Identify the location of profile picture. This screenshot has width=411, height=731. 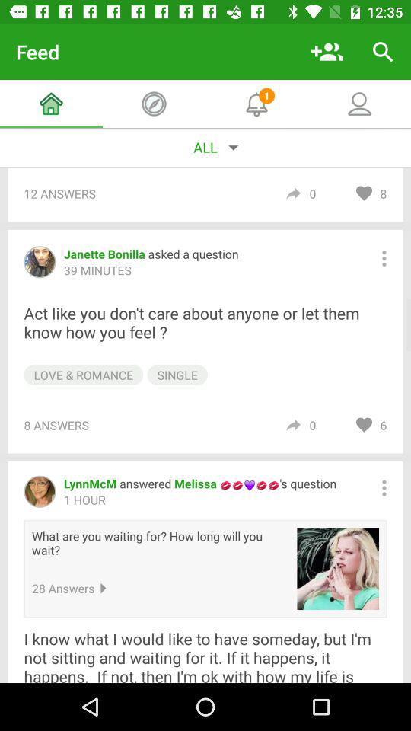
(338, 568).